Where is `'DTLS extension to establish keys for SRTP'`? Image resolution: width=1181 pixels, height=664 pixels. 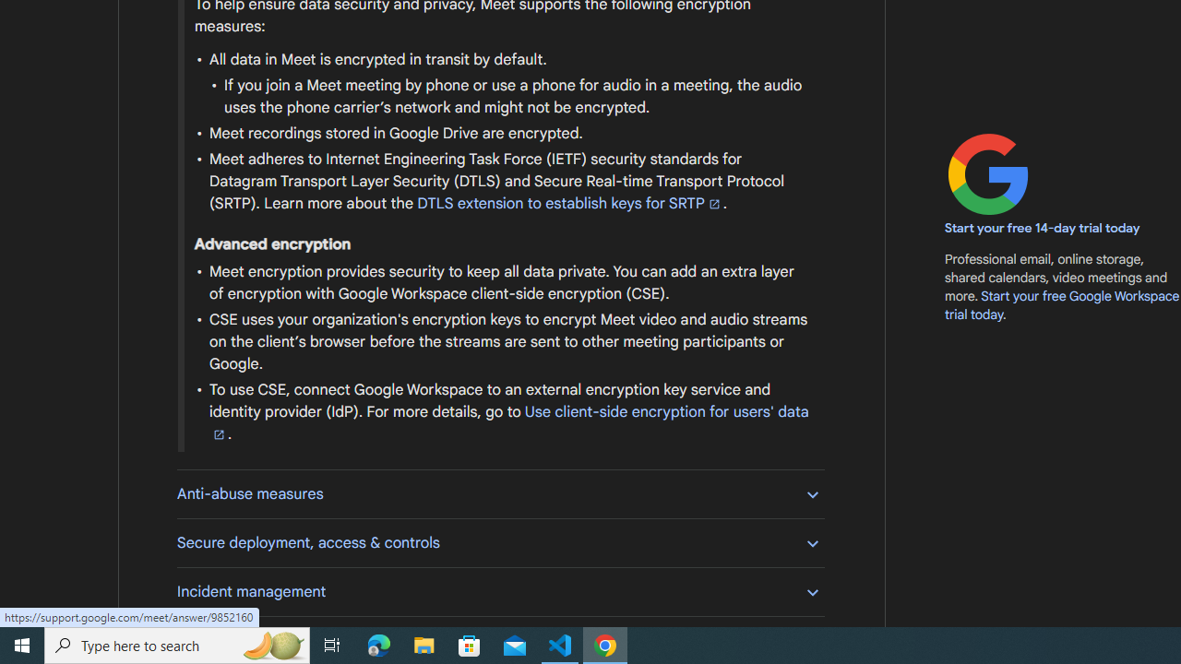
'DTLS extension to establish keys for SRTP' is located at coordinates (568, 204).